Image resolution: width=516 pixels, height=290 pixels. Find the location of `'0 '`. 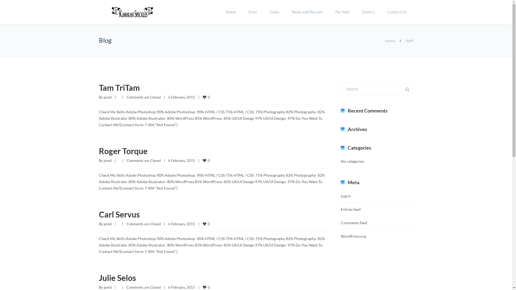

'0 ' is located at coordinates (202, 97).